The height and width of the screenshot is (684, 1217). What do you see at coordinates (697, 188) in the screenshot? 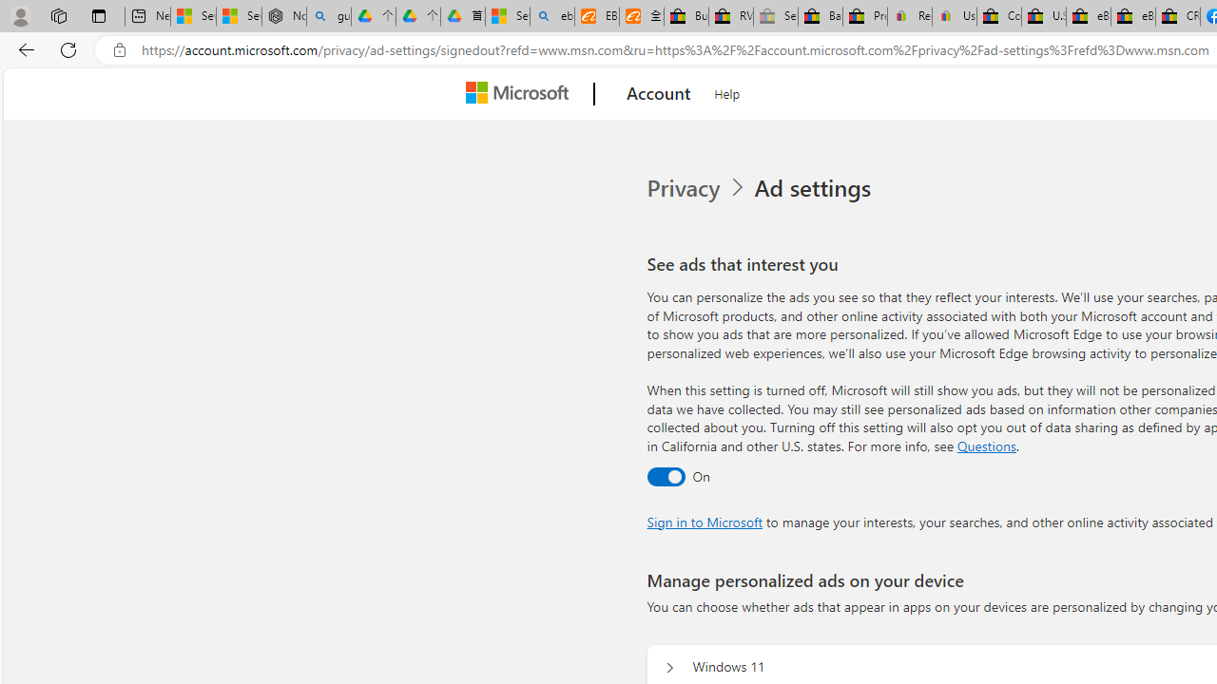
I see `'Privacy'` at bounding box center [697, 188].